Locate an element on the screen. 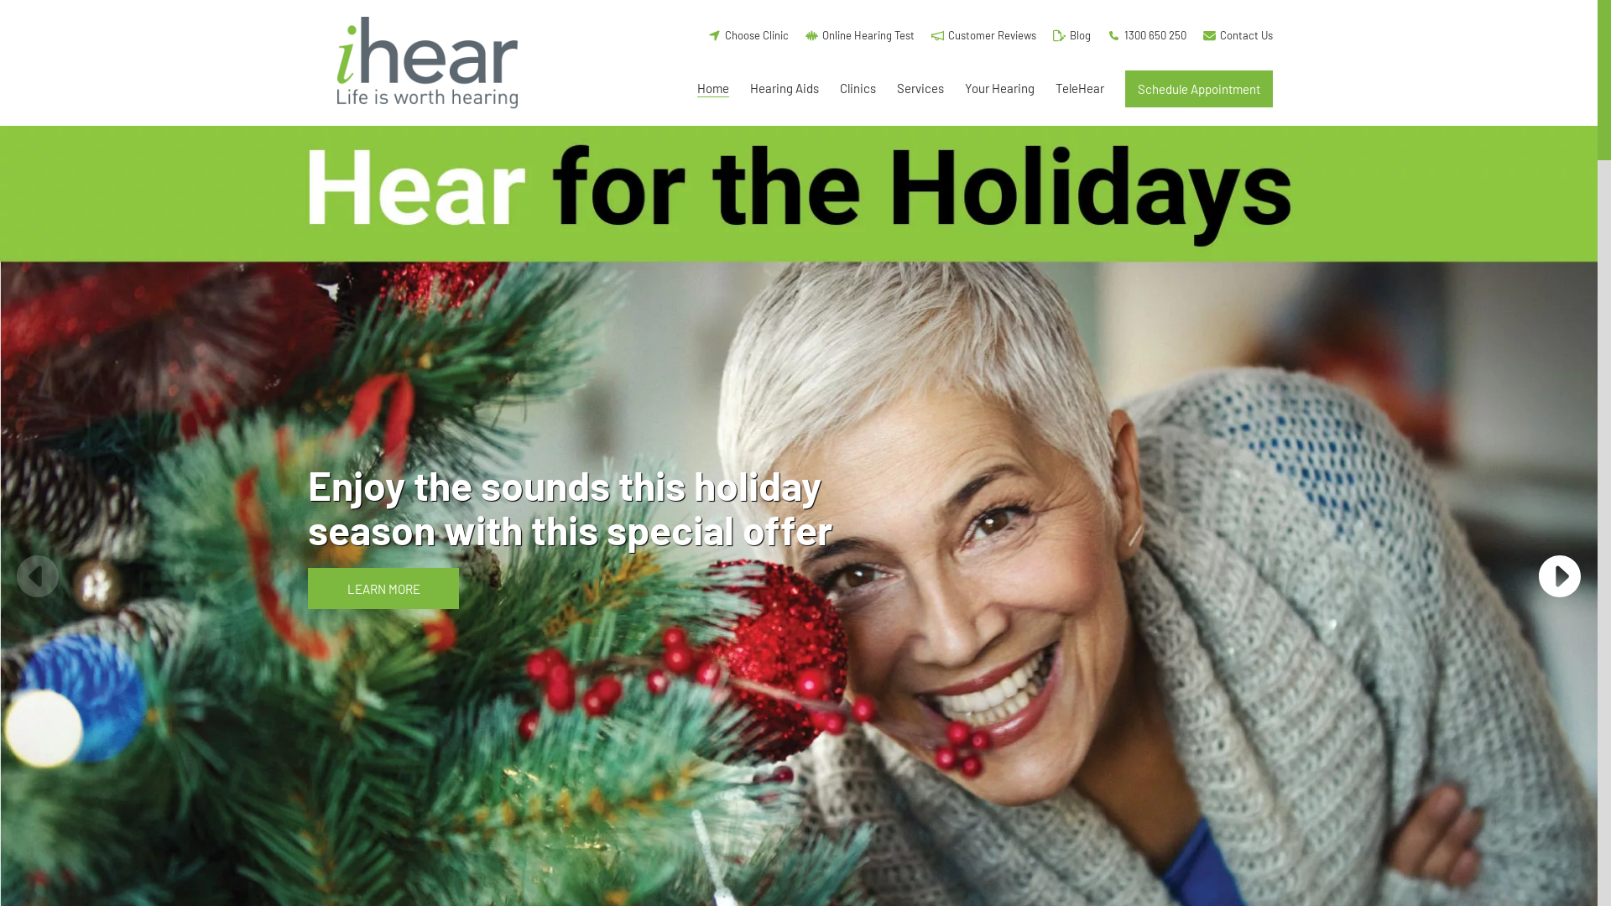 This screenshot has height=906, width=1611. 'Online Hearing Test' is located at coordinates (805, 34).